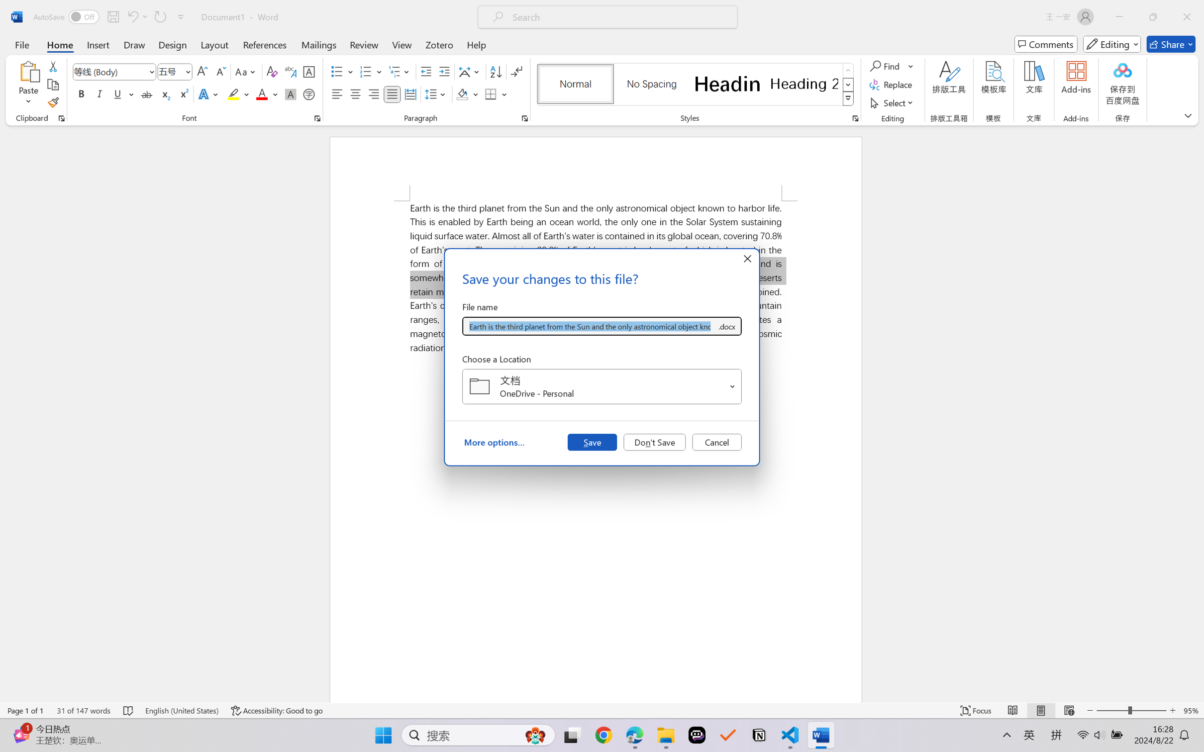 This screenshot has width=1204, height=752. I want to click on 'Don', so click(654, 441).